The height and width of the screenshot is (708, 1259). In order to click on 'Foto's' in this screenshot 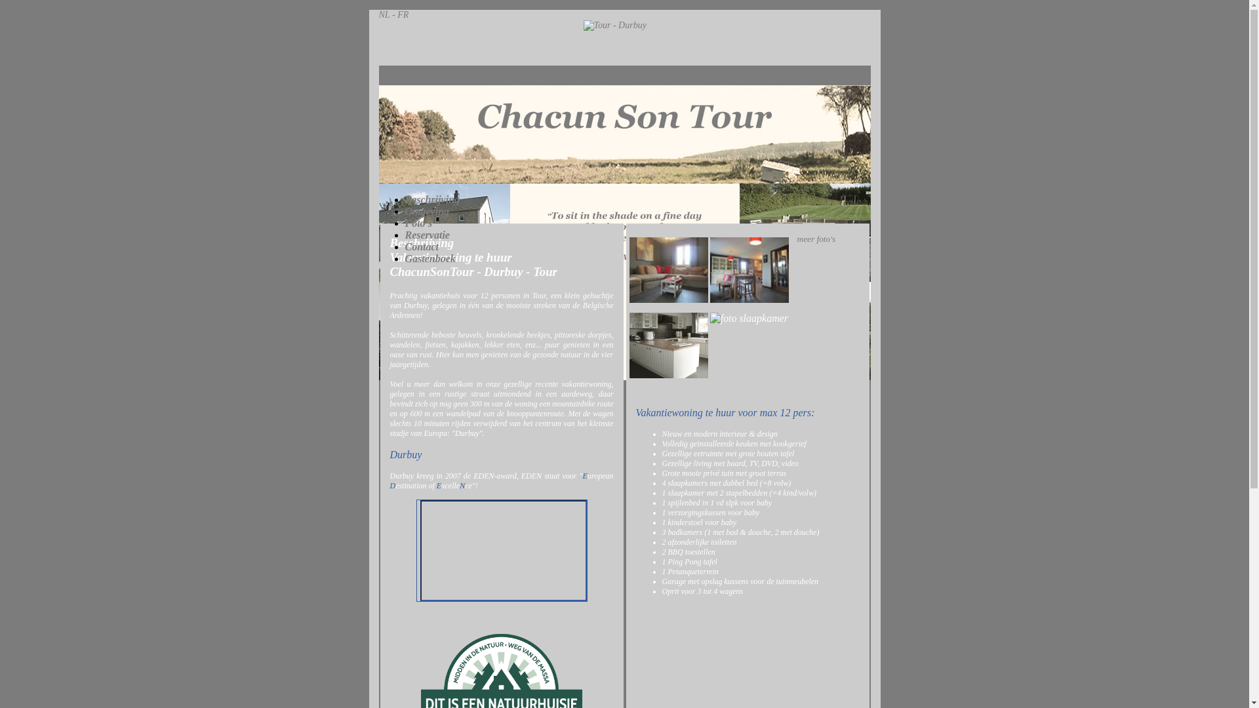, I will do `click(418, 222)`.